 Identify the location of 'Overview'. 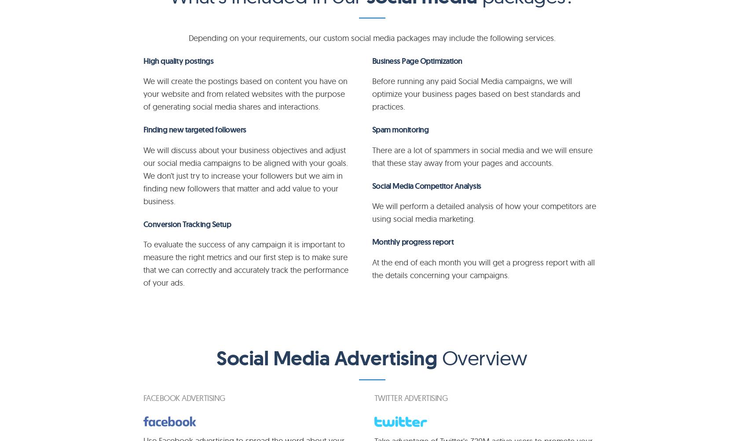
(481, 357).